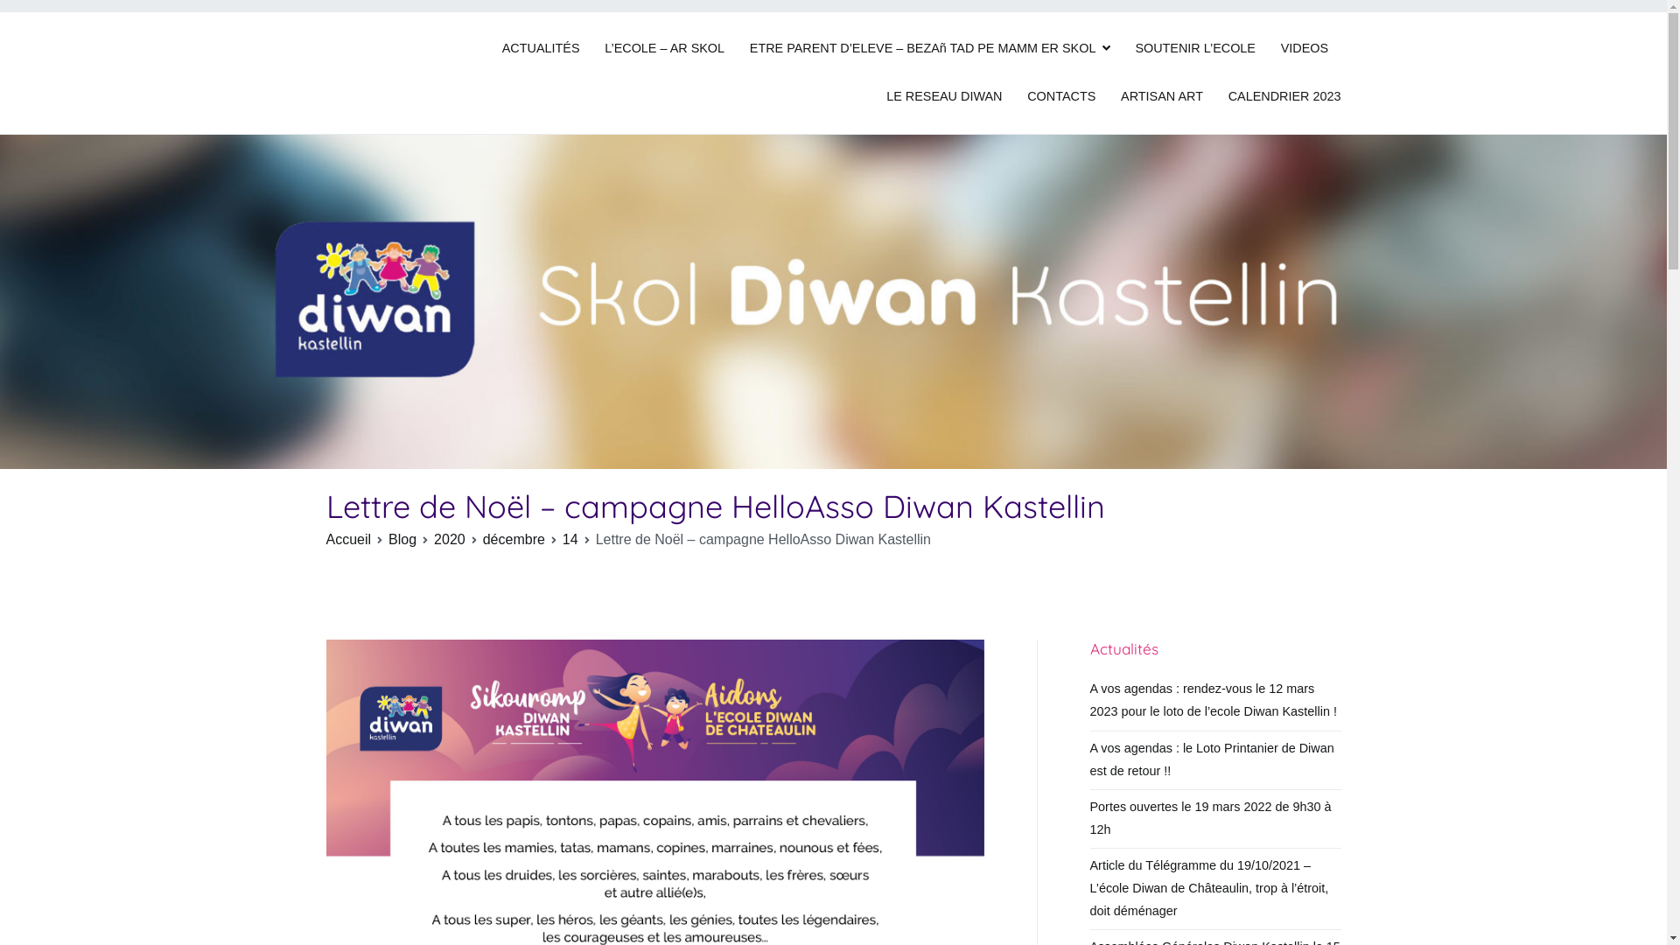 This screenshot has width=1680, height=945. I want to click on 'LE RESEAU DIWAN', so click(943, 97).